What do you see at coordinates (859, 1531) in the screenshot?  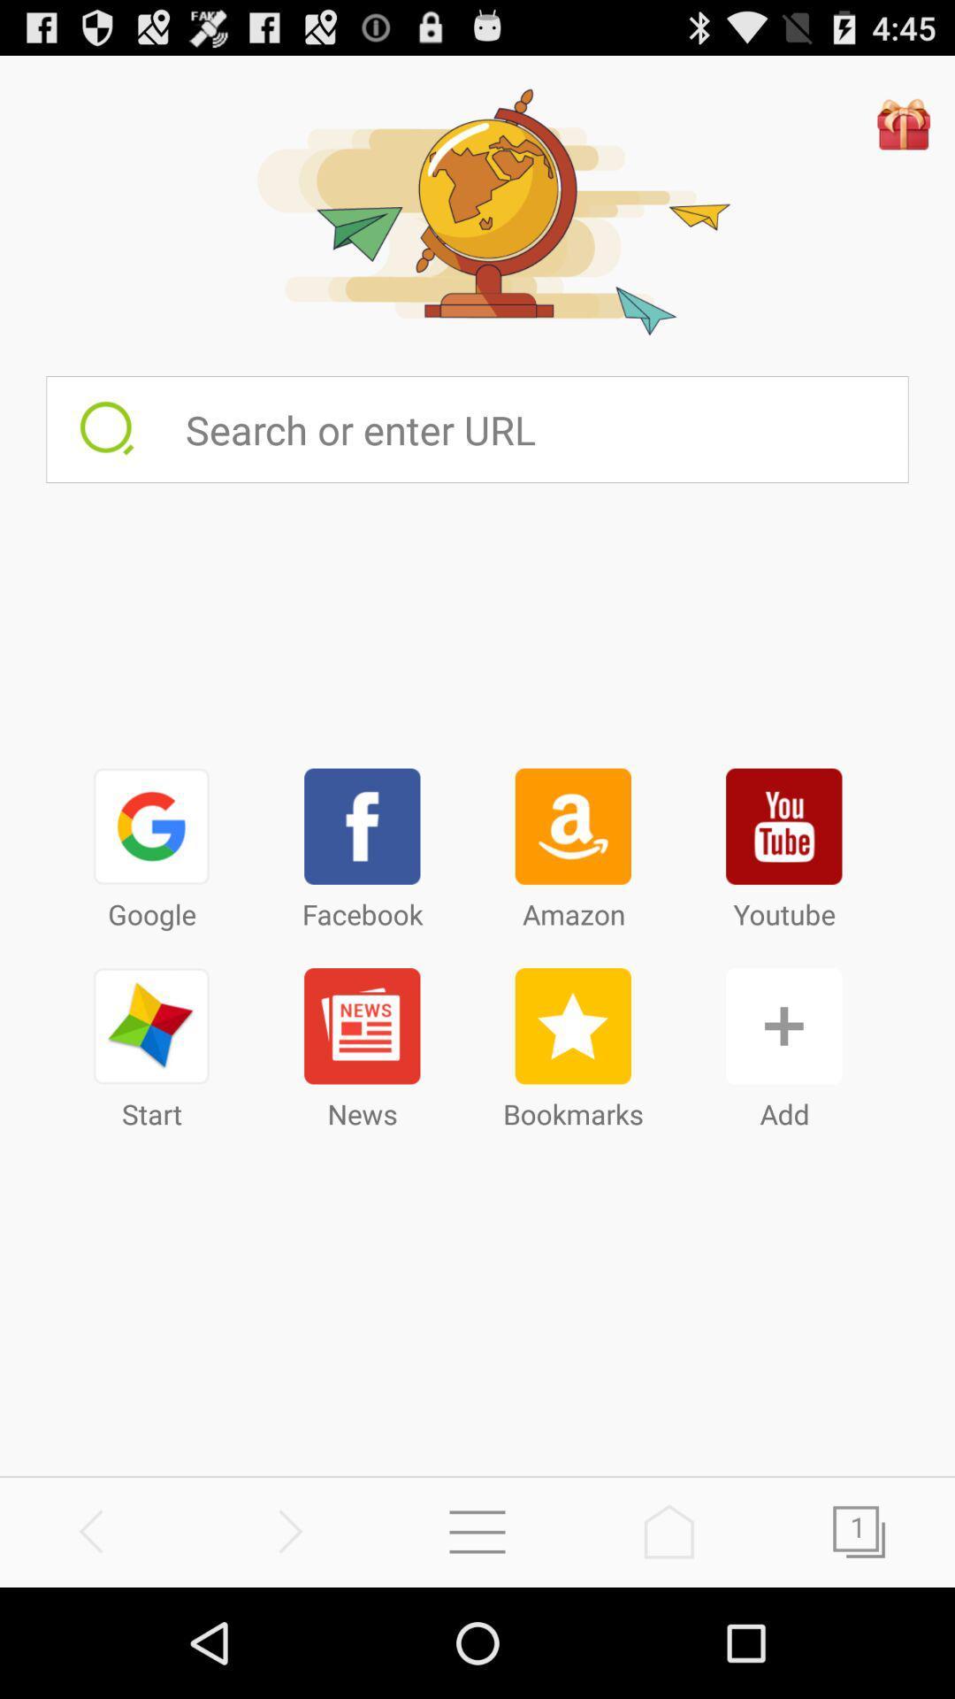 I see `next page` at bounding box center [859, 1531].